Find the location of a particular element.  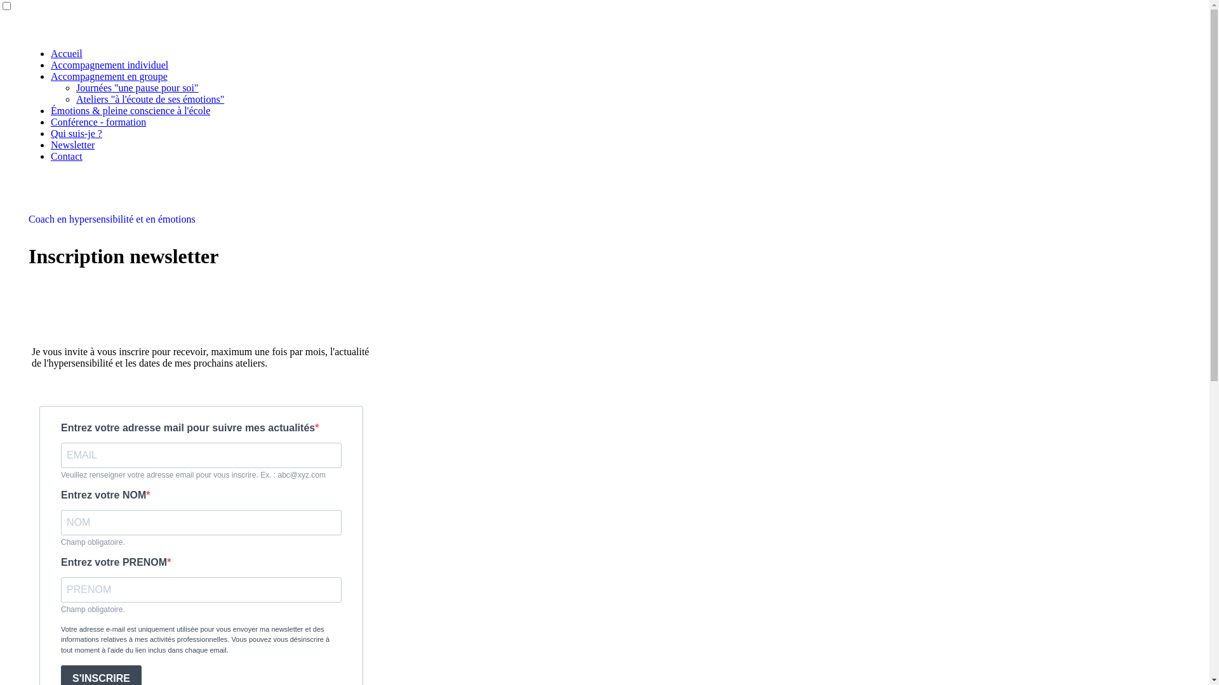

'Contact' is located at coordinates (66, 155).